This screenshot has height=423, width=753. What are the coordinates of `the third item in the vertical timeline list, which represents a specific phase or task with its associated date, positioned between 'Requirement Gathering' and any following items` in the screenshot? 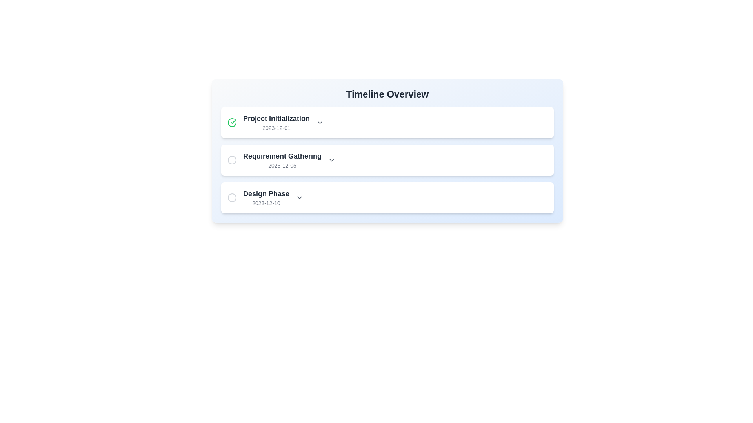 It's located at (387, 197).